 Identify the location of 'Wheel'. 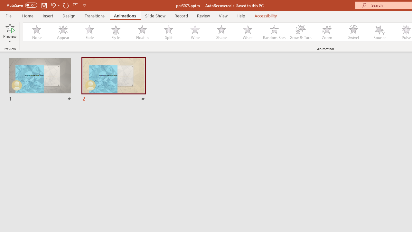
(248, 32).